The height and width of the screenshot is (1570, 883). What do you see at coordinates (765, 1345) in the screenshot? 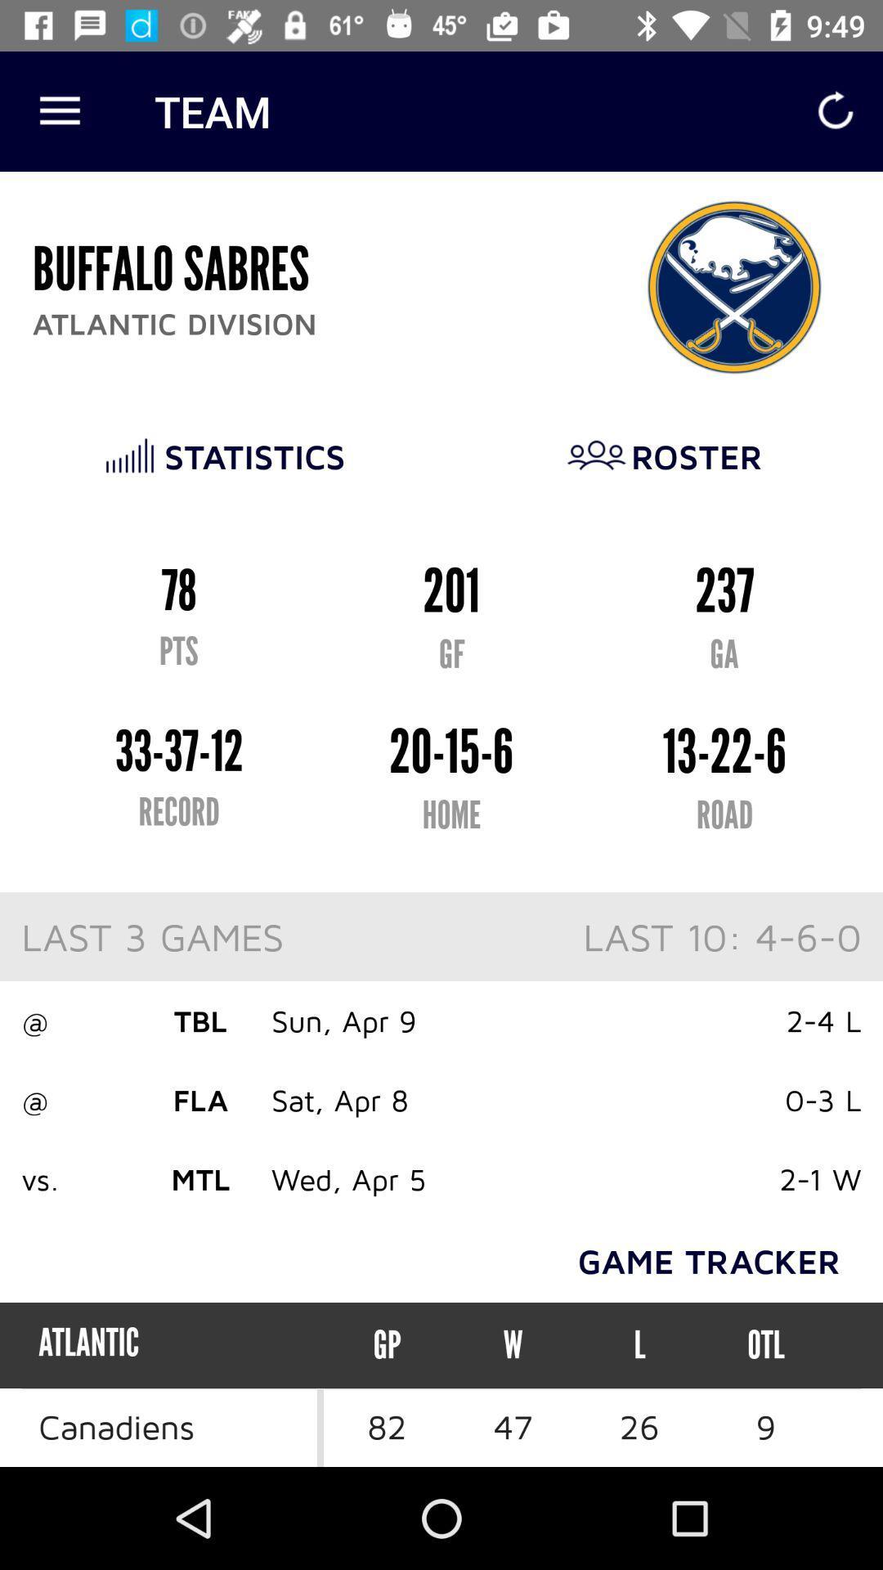
I see `icon next to the pts icon` at bounding box center [765, 1345].